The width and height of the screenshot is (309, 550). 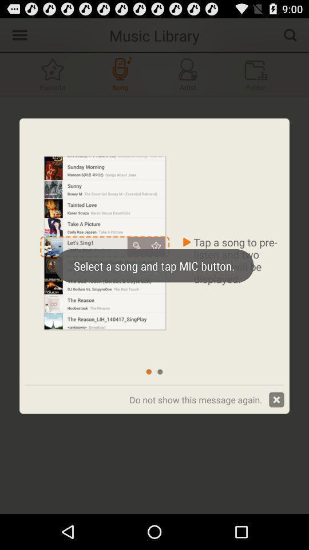 I want to click on open side panel, so click(x=18, y=34).